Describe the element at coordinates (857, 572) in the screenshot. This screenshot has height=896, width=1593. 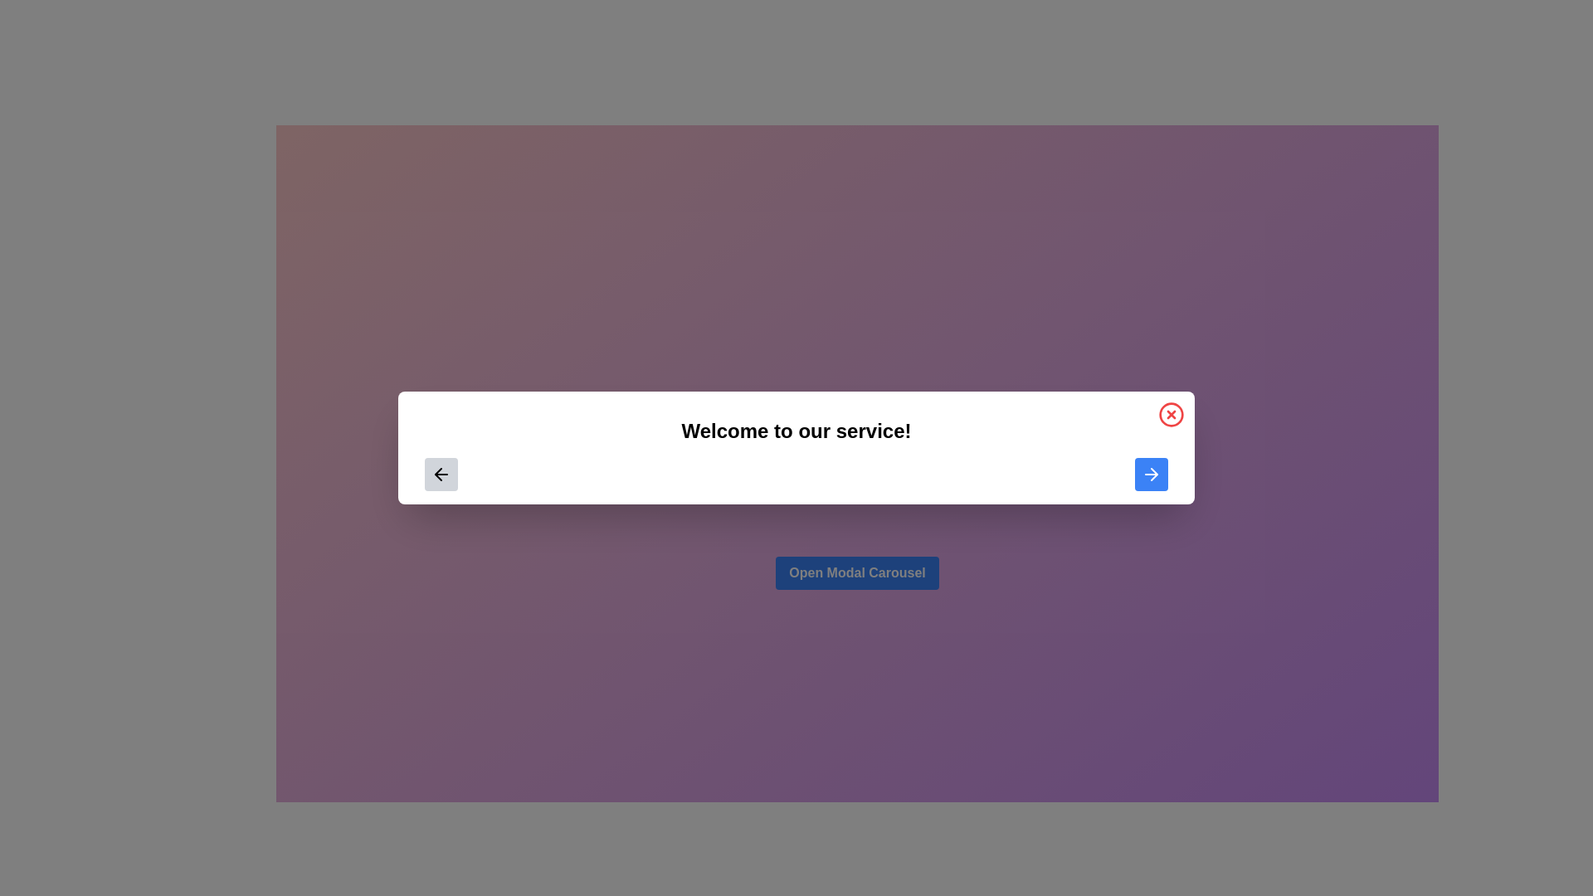
I see `the button located near the bottom of the interface` at that location.